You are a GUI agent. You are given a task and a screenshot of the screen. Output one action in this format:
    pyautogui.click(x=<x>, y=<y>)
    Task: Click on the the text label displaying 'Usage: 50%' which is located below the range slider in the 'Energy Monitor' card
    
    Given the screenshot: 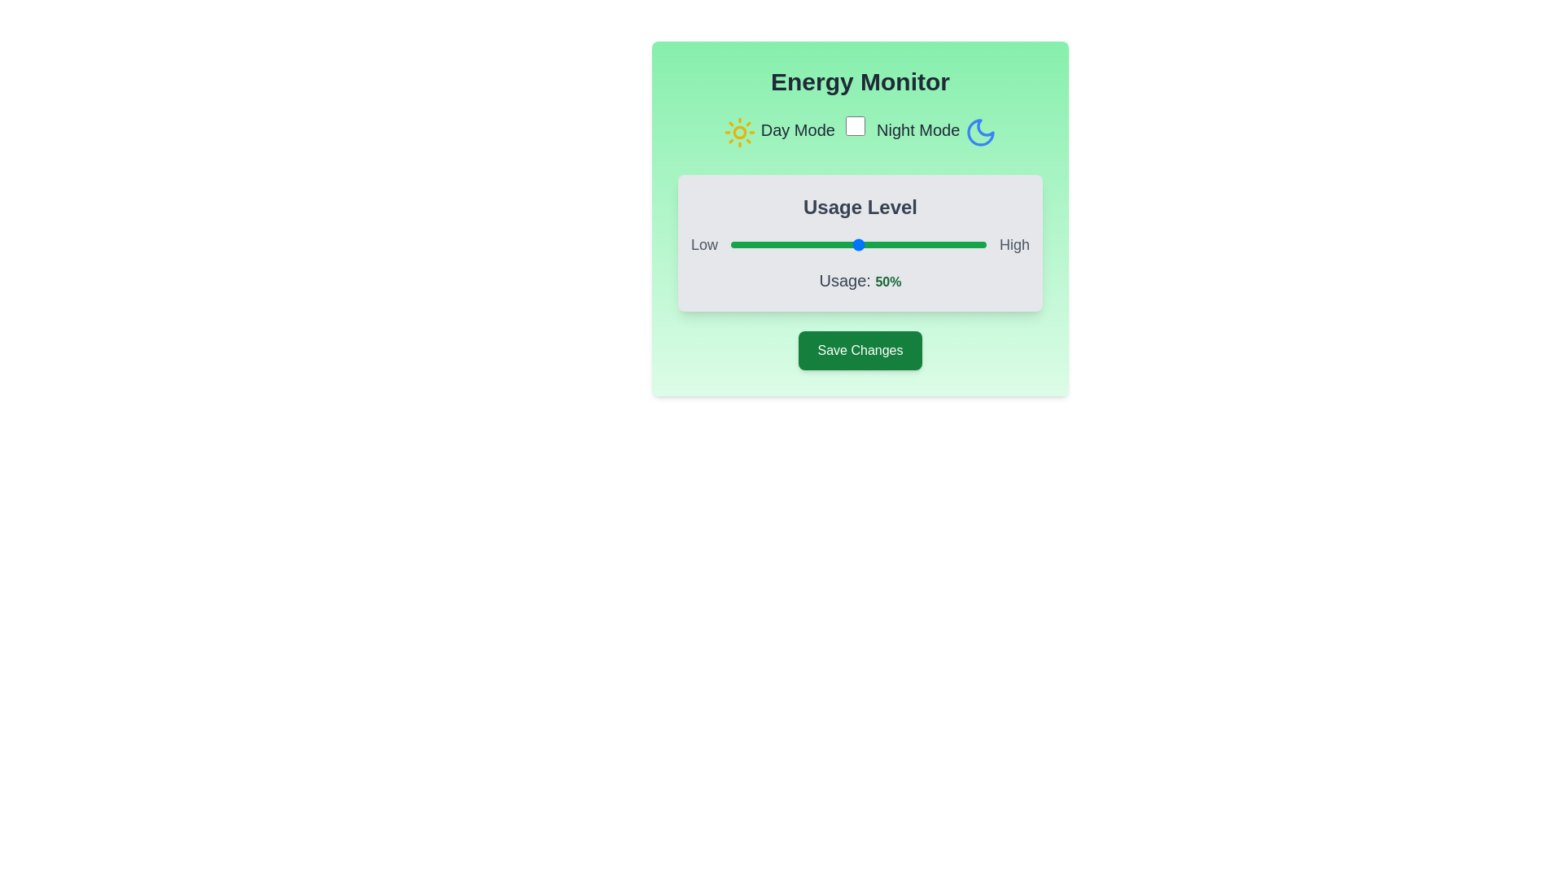 What is the action you would take?
    pyautogui.click(x=859, y=279)
    